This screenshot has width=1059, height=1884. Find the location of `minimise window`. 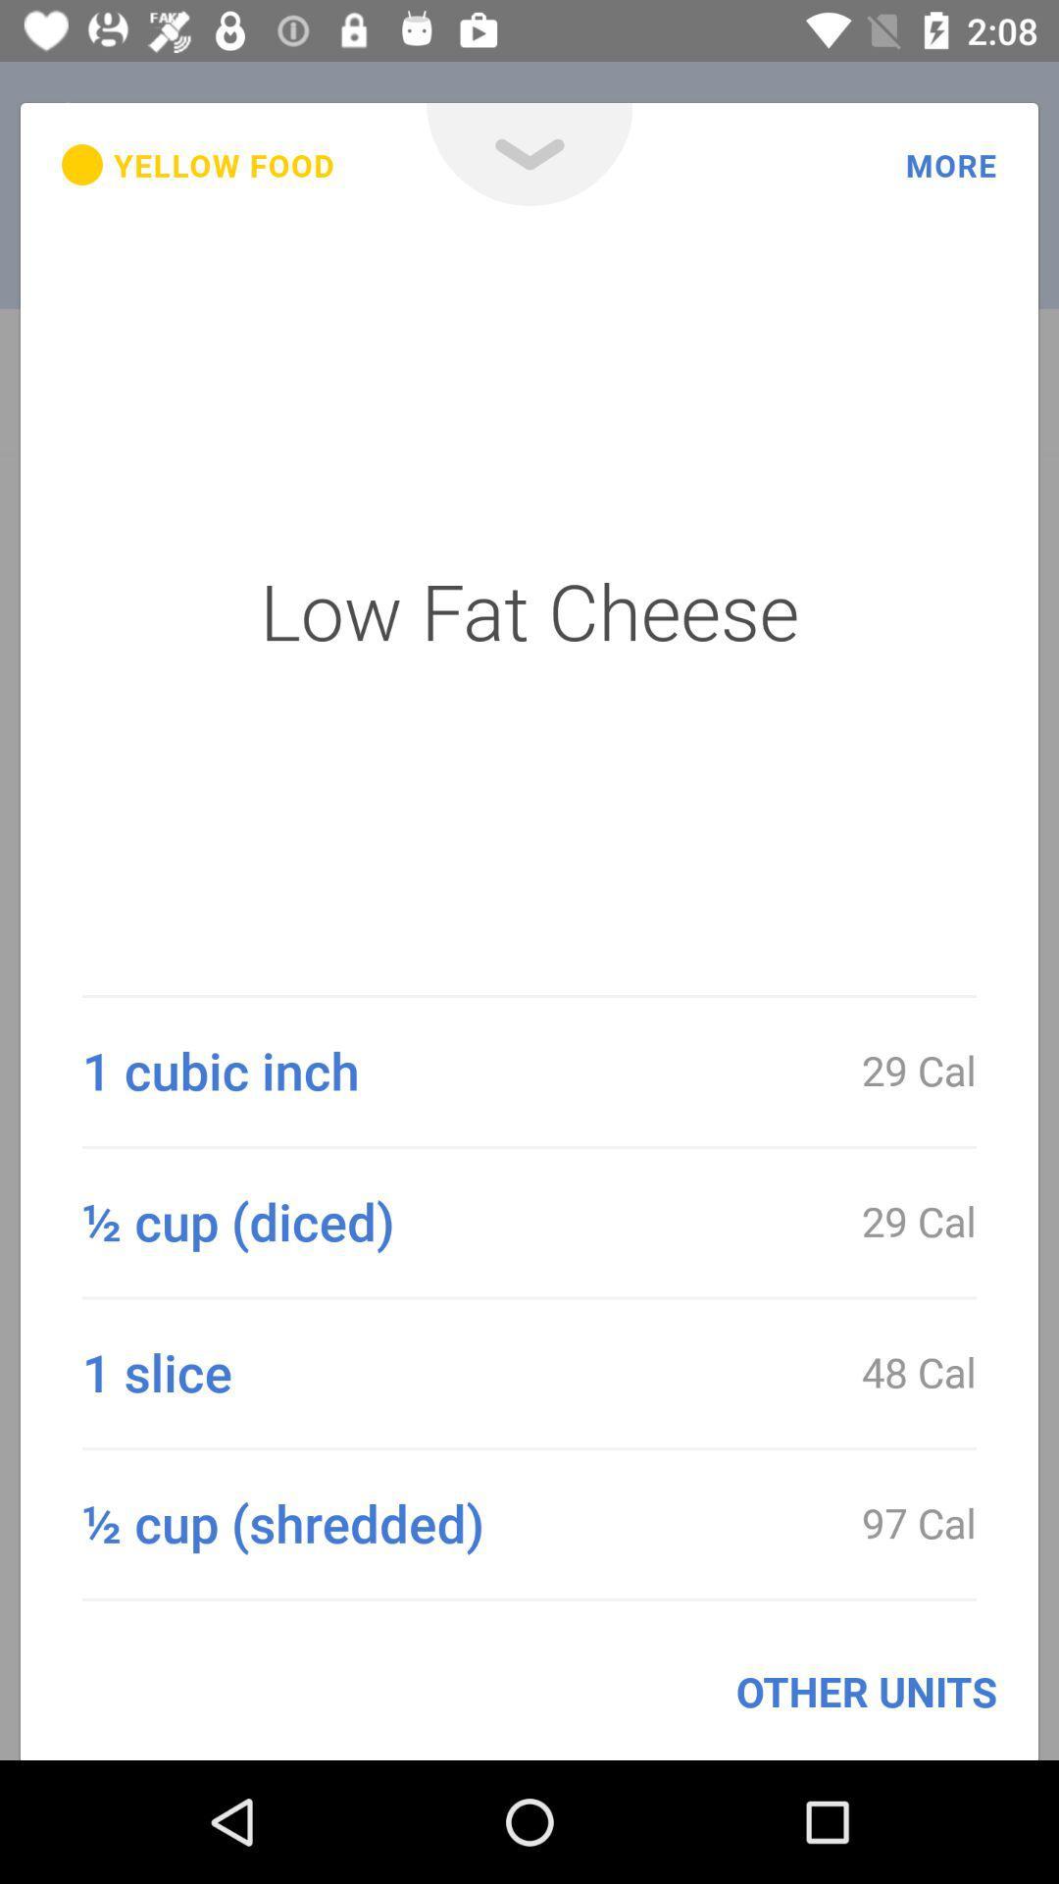

minimise window is located at coordinates (529, 153).